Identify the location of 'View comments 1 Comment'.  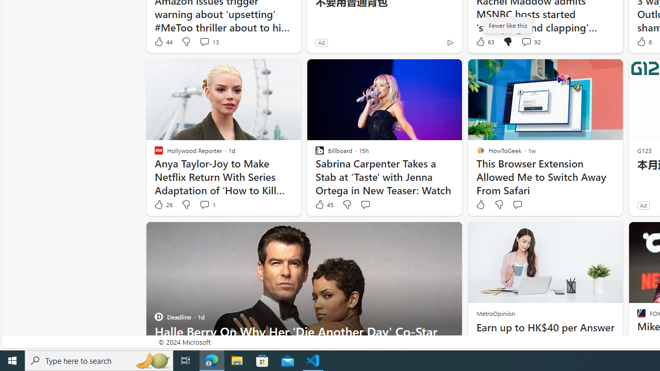
(204, 205).